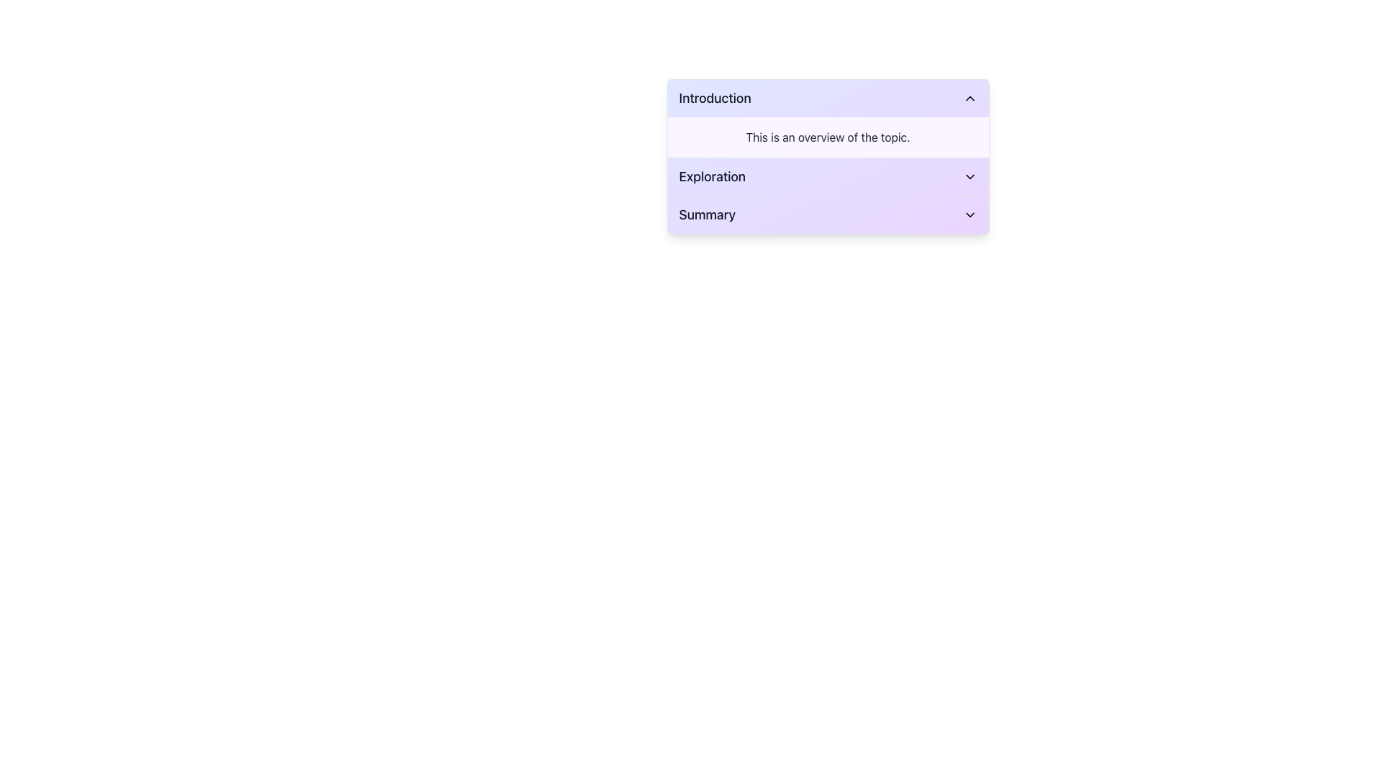 Image resolution: width=1382 pixels, height=777 pixels. I want to click on the small downward-pointing chevron icon, which is black and located within a purple background near the right edge of the 'Exploration' section, so click(970, 176).